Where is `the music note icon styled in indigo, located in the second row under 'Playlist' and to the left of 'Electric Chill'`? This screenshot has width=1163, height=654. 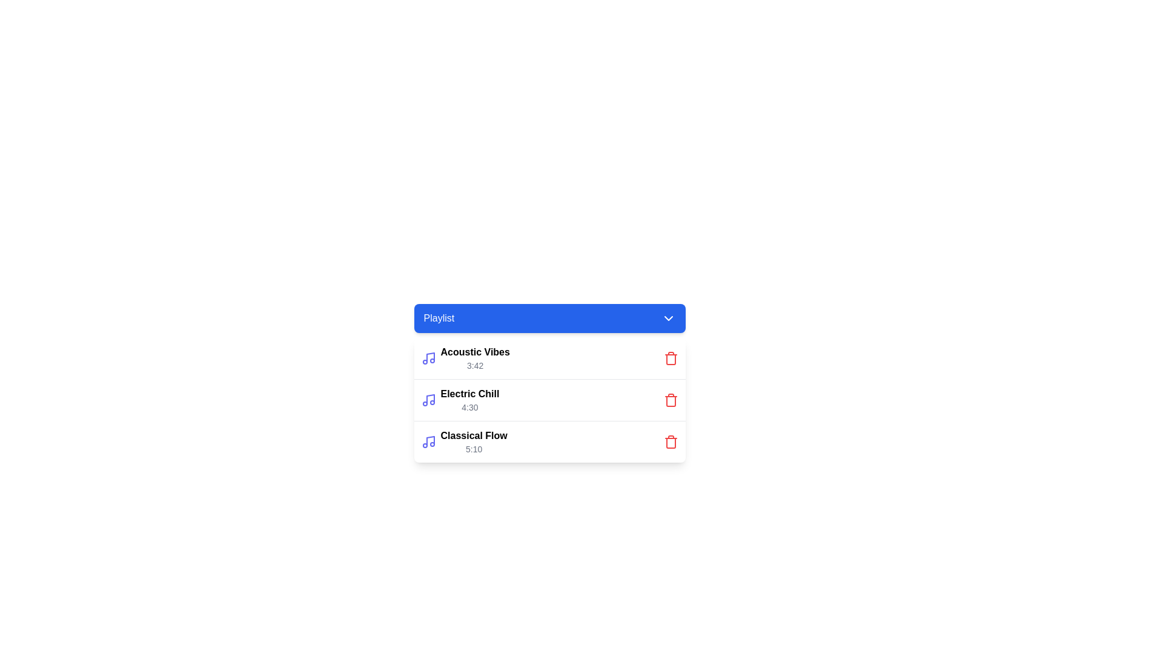
the music note icon styled in indigo, located in the second row under 'Playlist' and to the left of 'Electric Chill' is located at coordinates (428, 400).